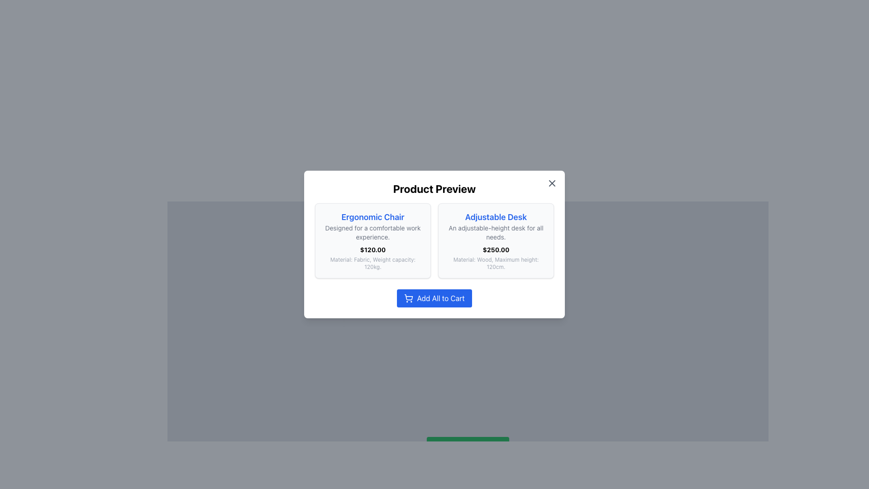 The width and height of the screenshot is (869, 489). I want to click on the small square button with a centered 'X' icon located at the top-right corner of the modal dialog, so click(551, 183).